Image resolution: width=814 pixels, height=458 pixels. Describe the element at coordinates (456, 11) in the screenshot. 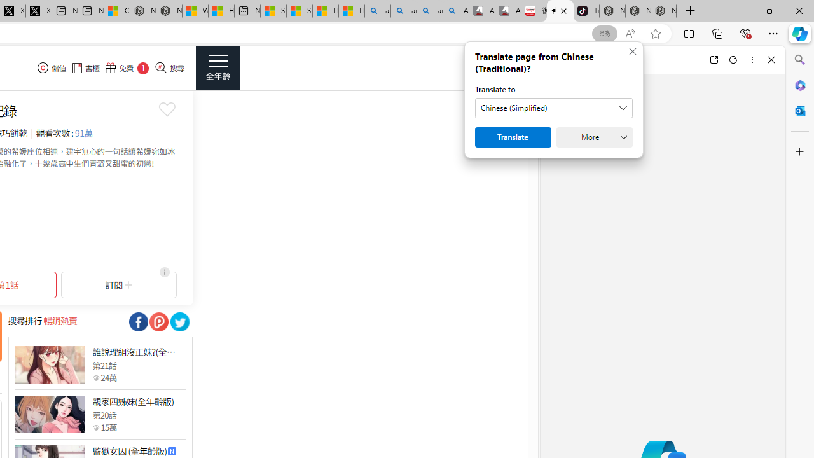

I see `'Amazon Echo Robot - Search Images'` at that location.